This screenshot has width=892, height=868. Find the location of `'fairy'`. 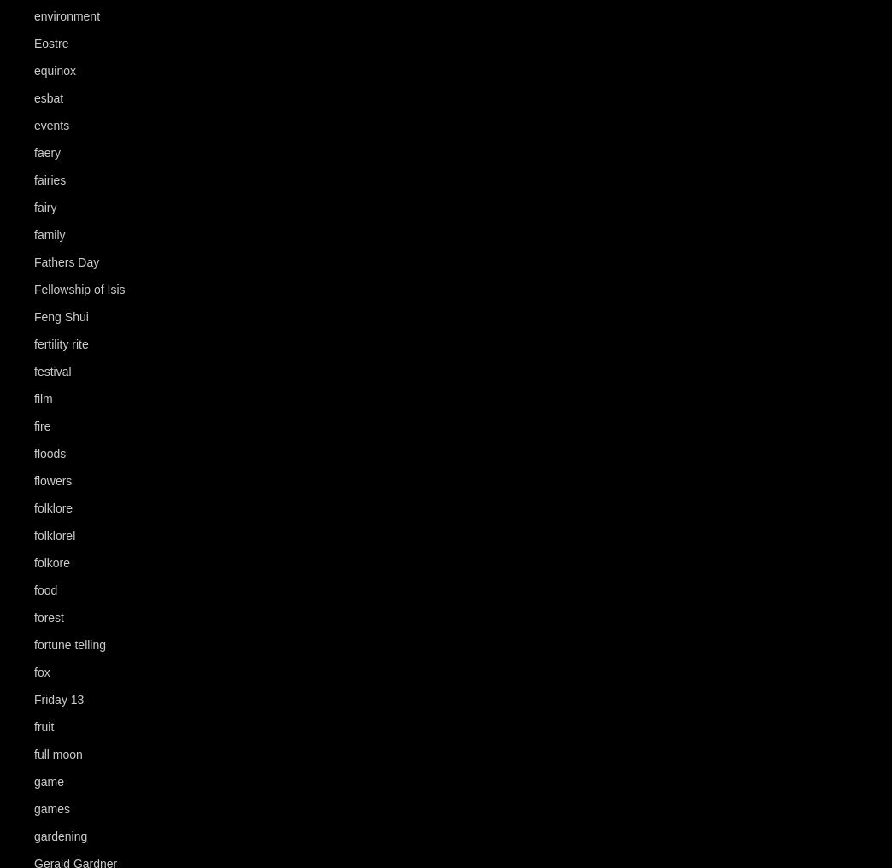

'fairy' is located at coordinates (44, 208).